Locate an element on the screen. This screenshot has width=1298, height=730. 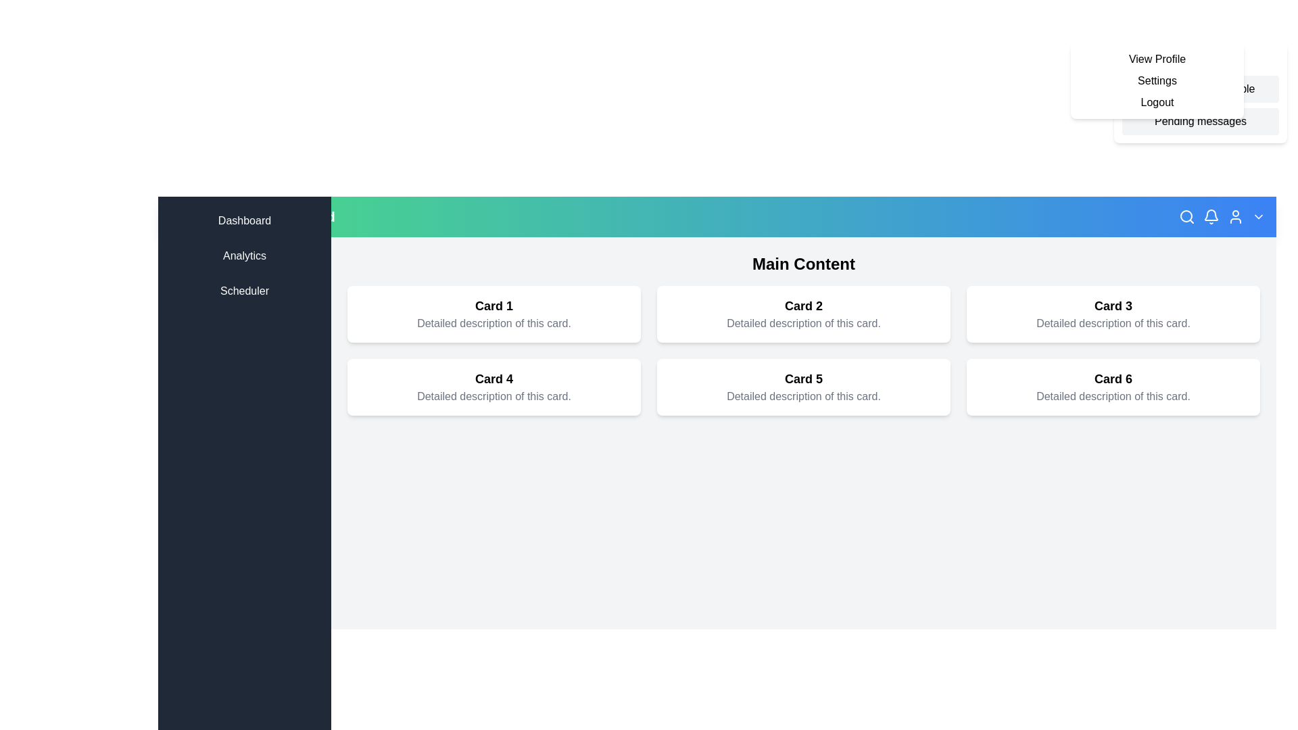
the non-interactive Card component labeled 'Card 1', which is located in the top-left position of a grid of six cards is located at coordinates (493, 314).